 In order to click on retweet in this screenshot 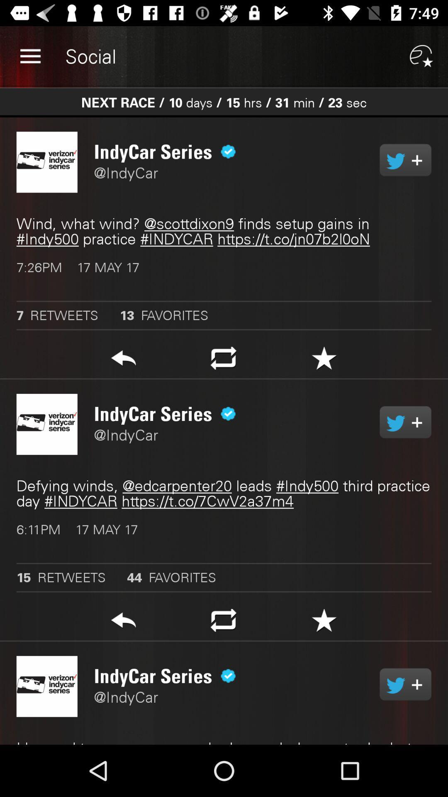, I will do `click(405, 160)`.